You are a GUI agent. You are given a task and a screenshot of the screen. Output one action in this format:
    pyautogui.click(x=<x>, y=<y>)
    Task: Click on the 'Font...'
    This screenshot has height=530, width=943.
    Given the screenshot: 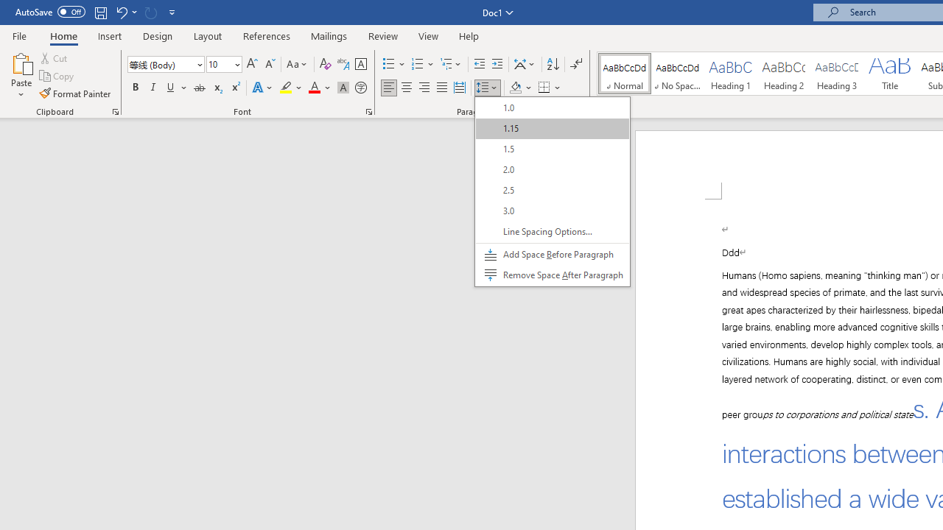 What is the action you would take?
    pyautogui.click(x=369, y=110)
    